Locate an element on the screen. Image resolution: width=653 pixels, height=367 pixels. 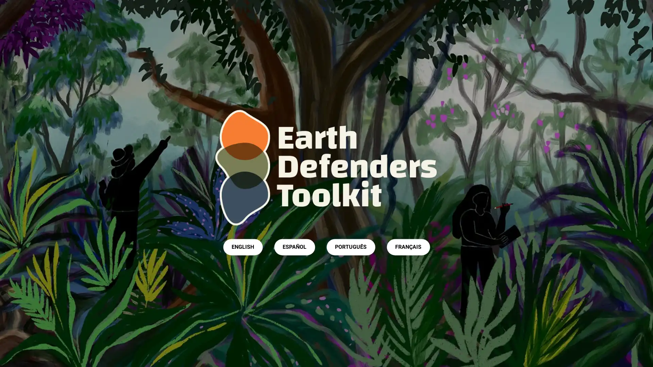
PORTUGUES is located at coordinates (351, 247).